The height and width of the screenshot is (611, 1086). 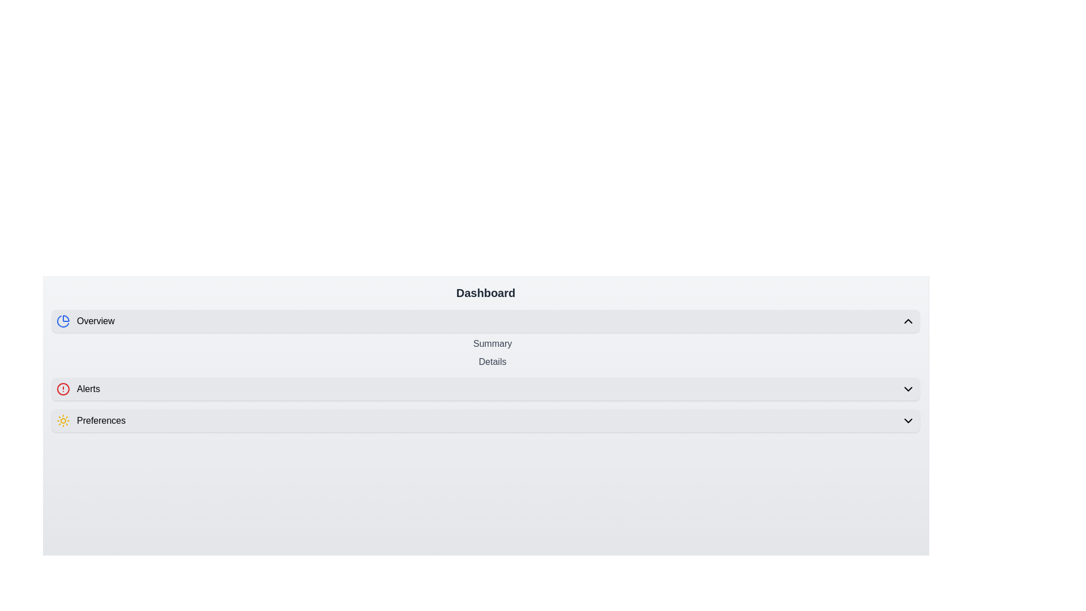 I want to click on the Static Text Label element labeled 'Overview', which is positioned adjacent to a pie chart icon in the top-left section of the interface, so click(x=96, y=321).